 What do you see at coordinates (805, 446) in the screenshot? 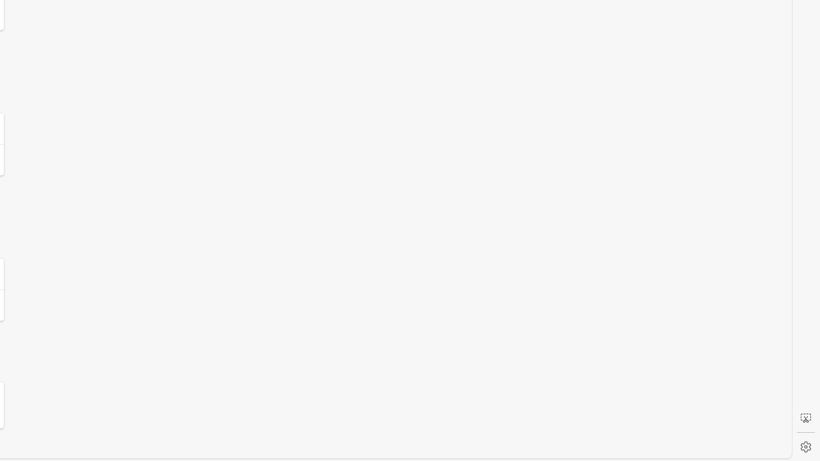
I see `'Settings'` at bounding box center [805, 446].